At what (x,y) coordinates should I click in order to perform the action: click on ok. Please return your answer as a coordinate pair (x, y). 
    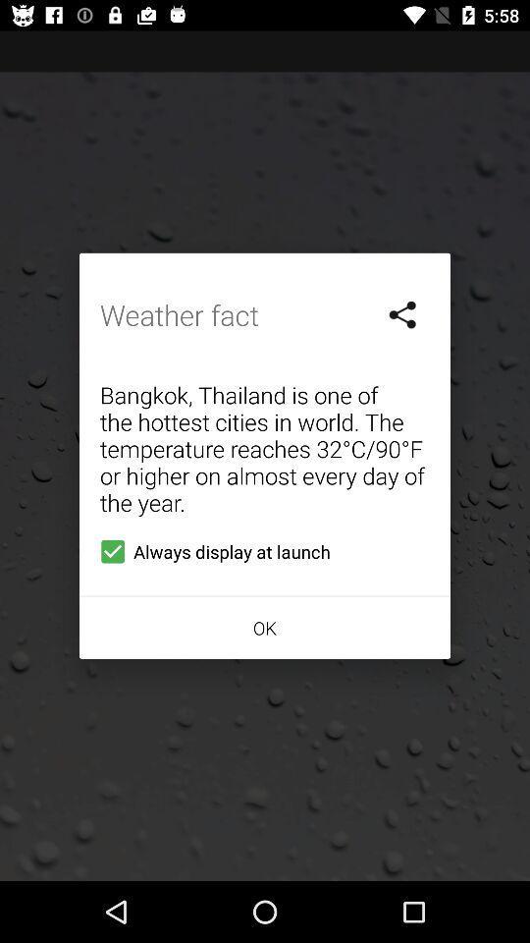
    Looking at the image, I should click on (265, 627).